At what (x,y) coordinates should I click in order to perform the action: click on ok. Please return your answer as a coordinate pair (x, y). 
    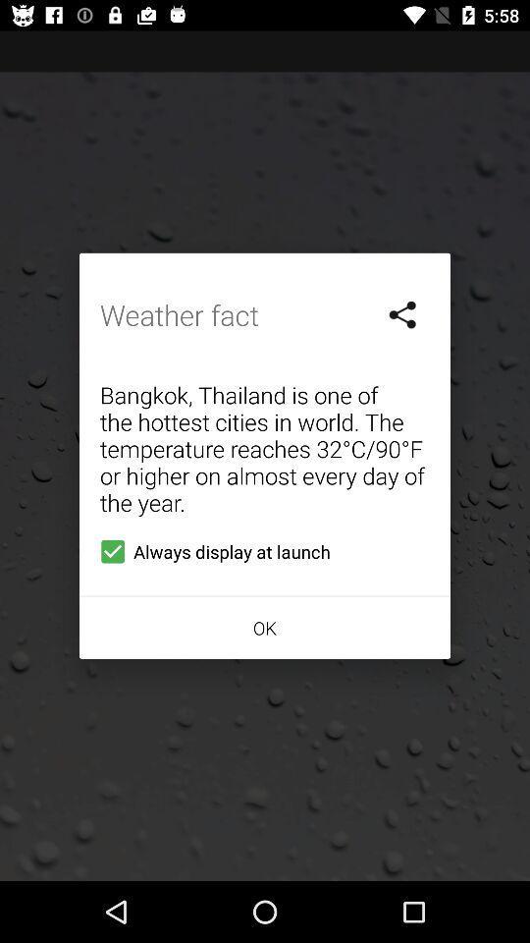
    Looking at the image, I should click on (265, 627).